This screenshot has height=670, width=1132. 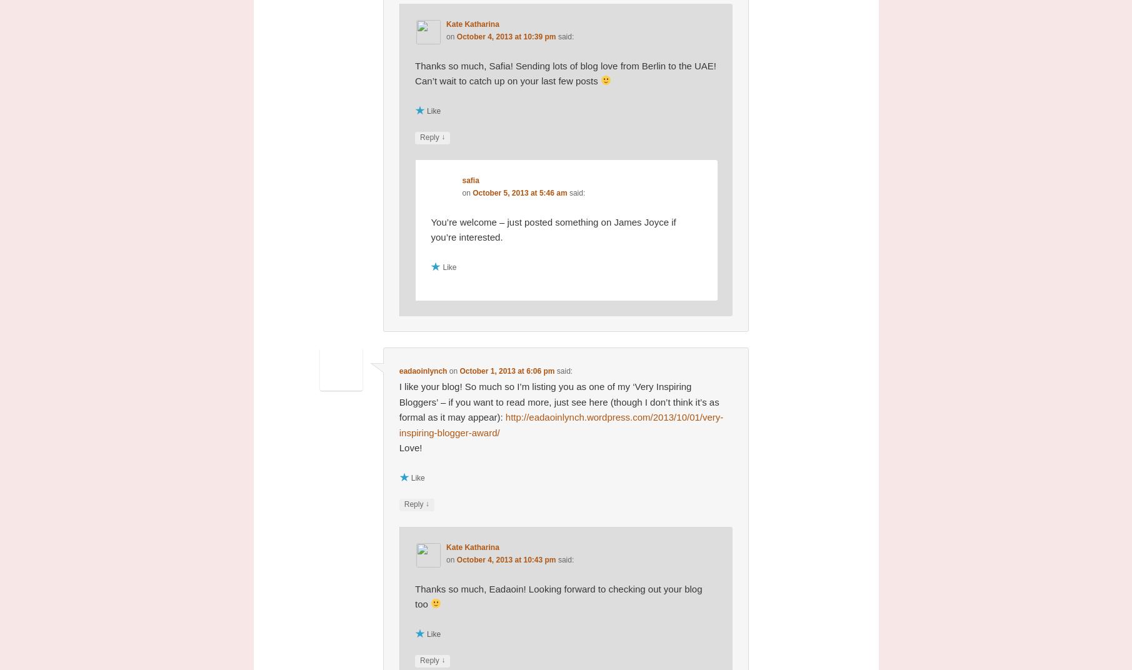 What do you see at coordinates (469, 180) in the screenshot?
I see `'safia'` at bounding box center [469, 180].